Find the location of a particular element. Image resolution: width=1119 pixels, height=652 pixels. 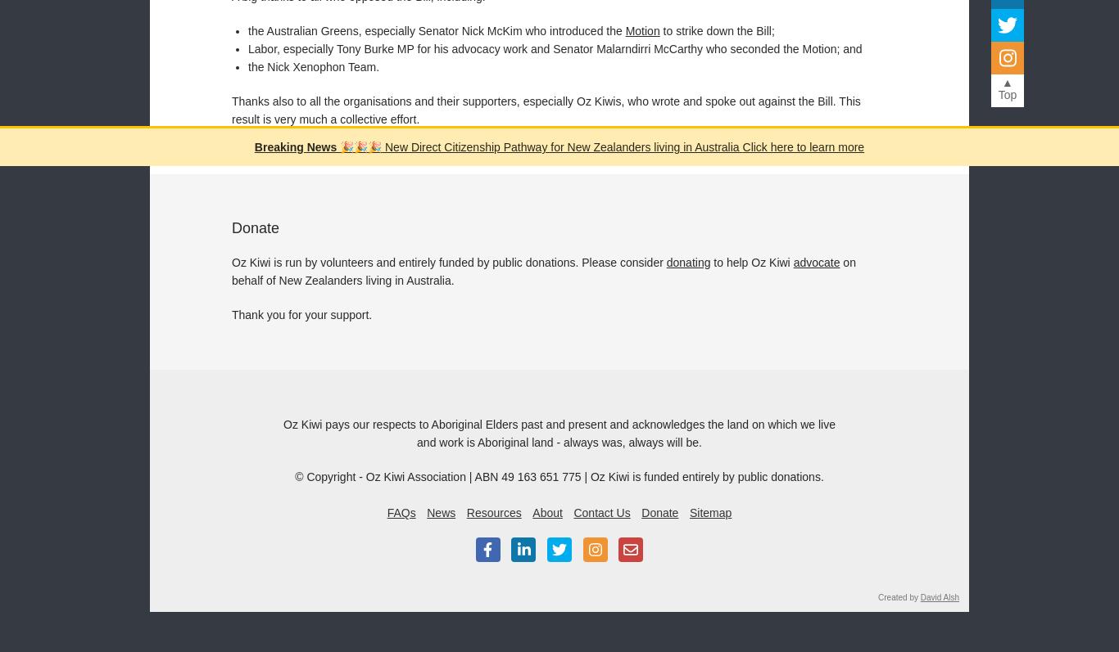

'Breaking News 🎉🎉🎉' is located at coordinates (316, 146).